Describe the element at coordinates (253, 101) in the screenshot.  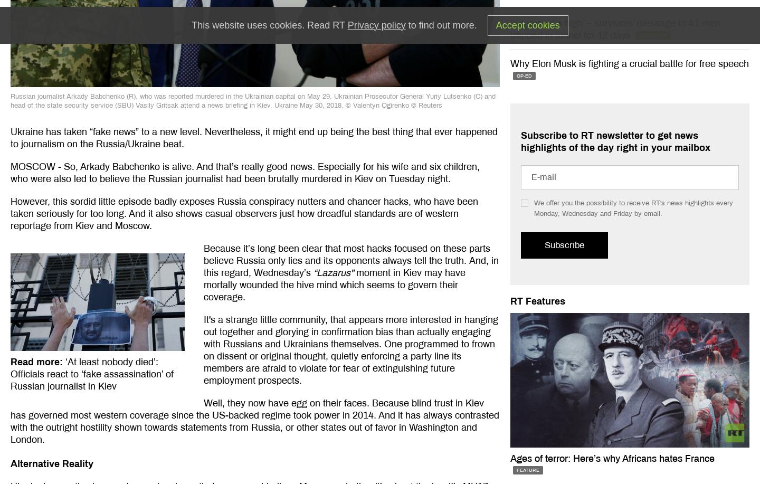
I see `'Russian journalist Arkady Babchenko (R), who was reported murdered in the Ukrainian capital on May 29, Ukrainian Prosecutor General Yuriy Lutsenko (C) and head of the state security service (SBU) Vasily Gritsak attend a news briefing in Kiev, Ukraine May 30, 2018. © Valentyn Ogirenko'` at that location.